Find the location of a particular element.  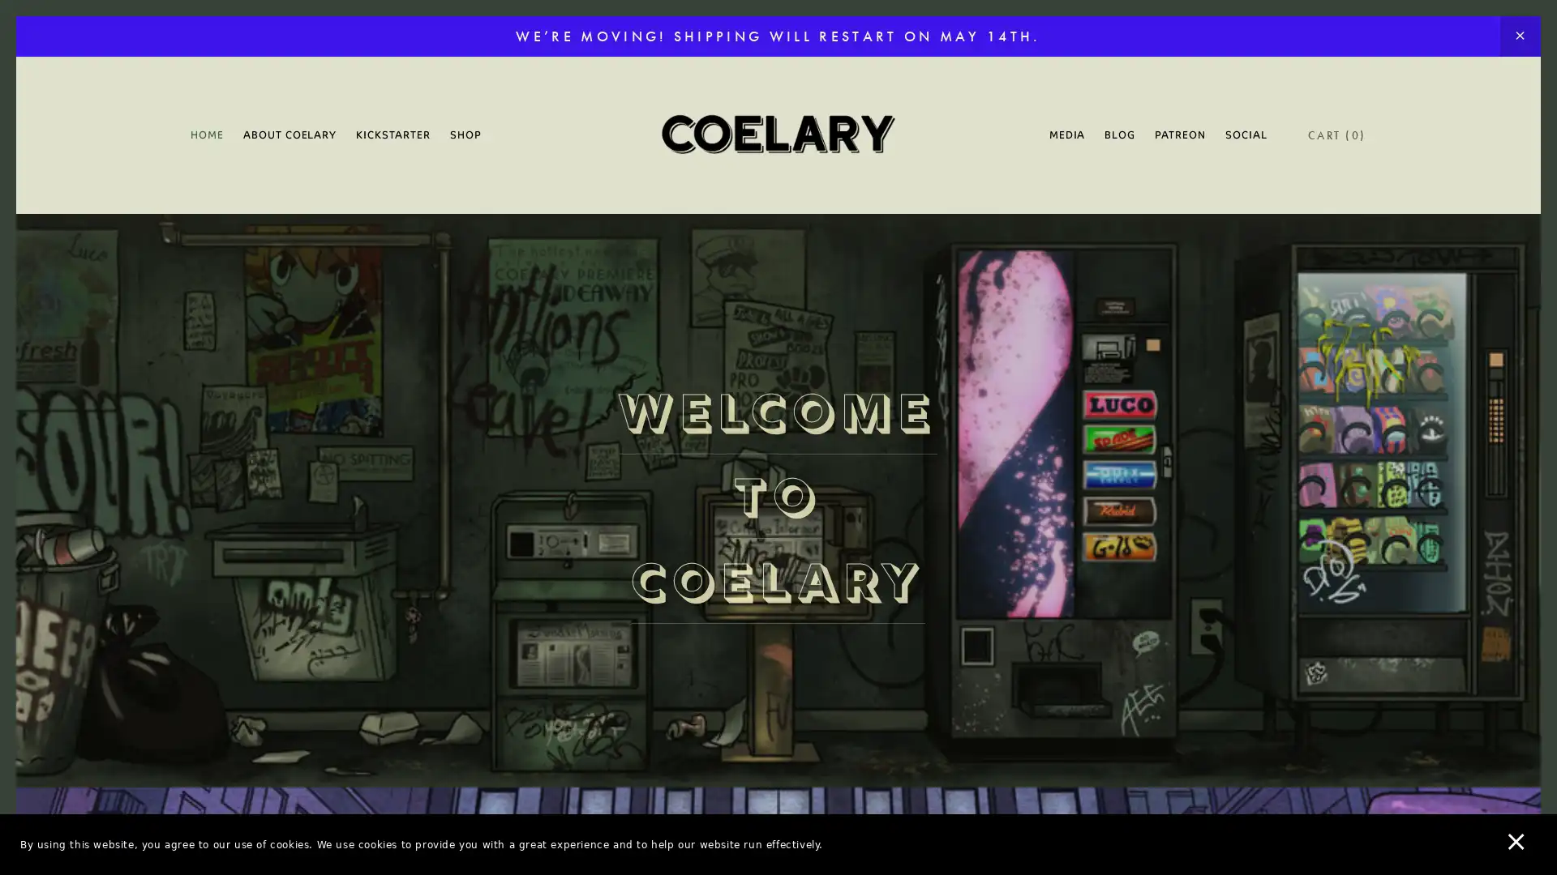

Close is located at coordinates (1062, 189).